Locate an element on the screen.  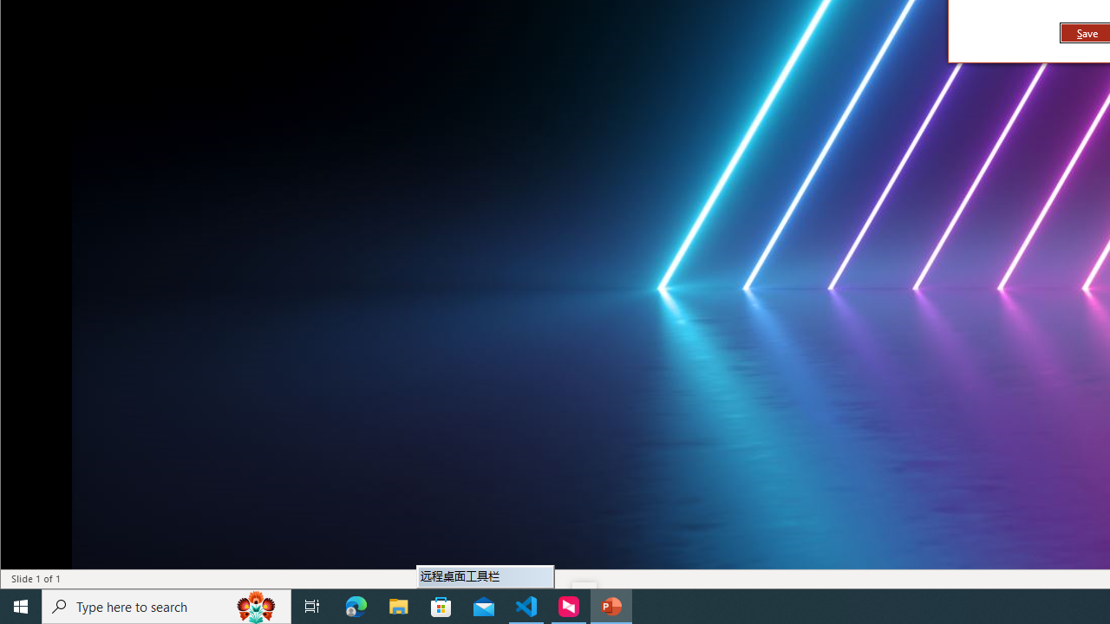
'File Explorer' is located at coordinates (398, 605).